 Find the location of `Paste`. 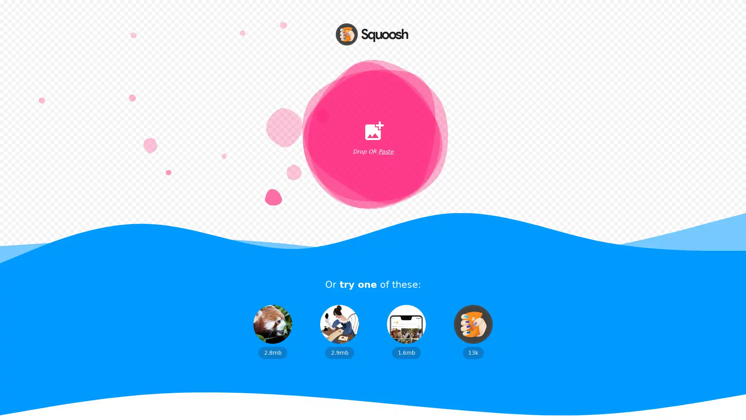

Paste is located at coordinates (385, 152).